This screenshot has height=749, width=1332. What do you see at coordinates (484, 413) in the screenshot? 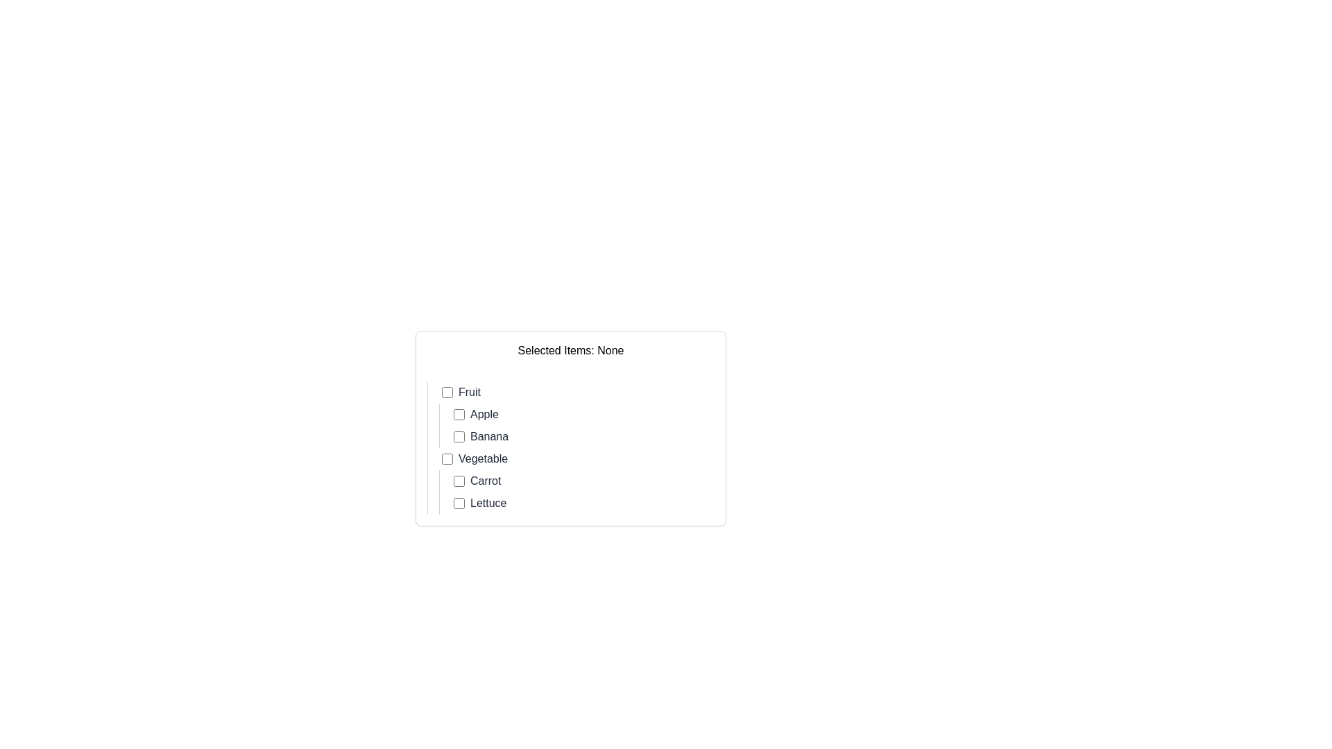
I see `the 'Apple' text label which is positioned to the right of the associated checkbox under the 'Fruit' category` at bounding box center [484, 413].